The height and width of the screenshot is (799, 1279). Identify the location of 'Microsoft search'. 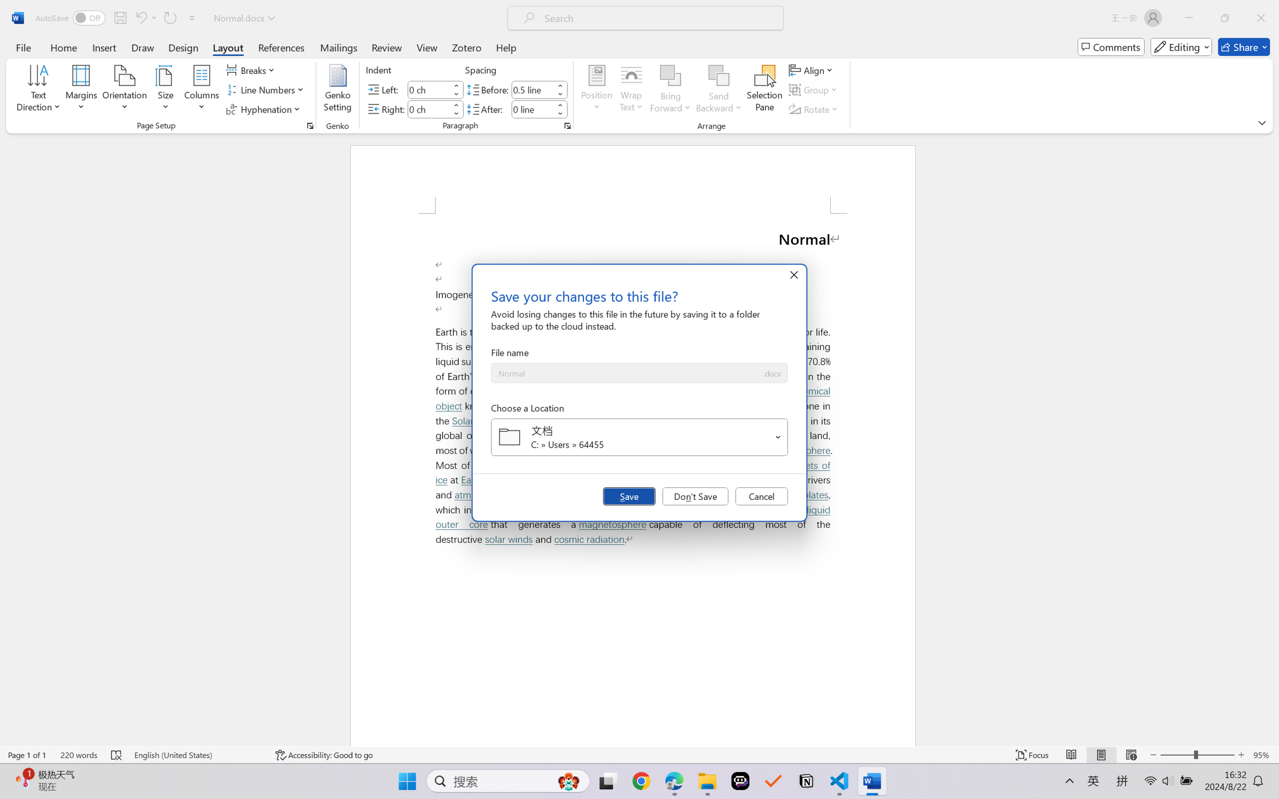
(659, 17).